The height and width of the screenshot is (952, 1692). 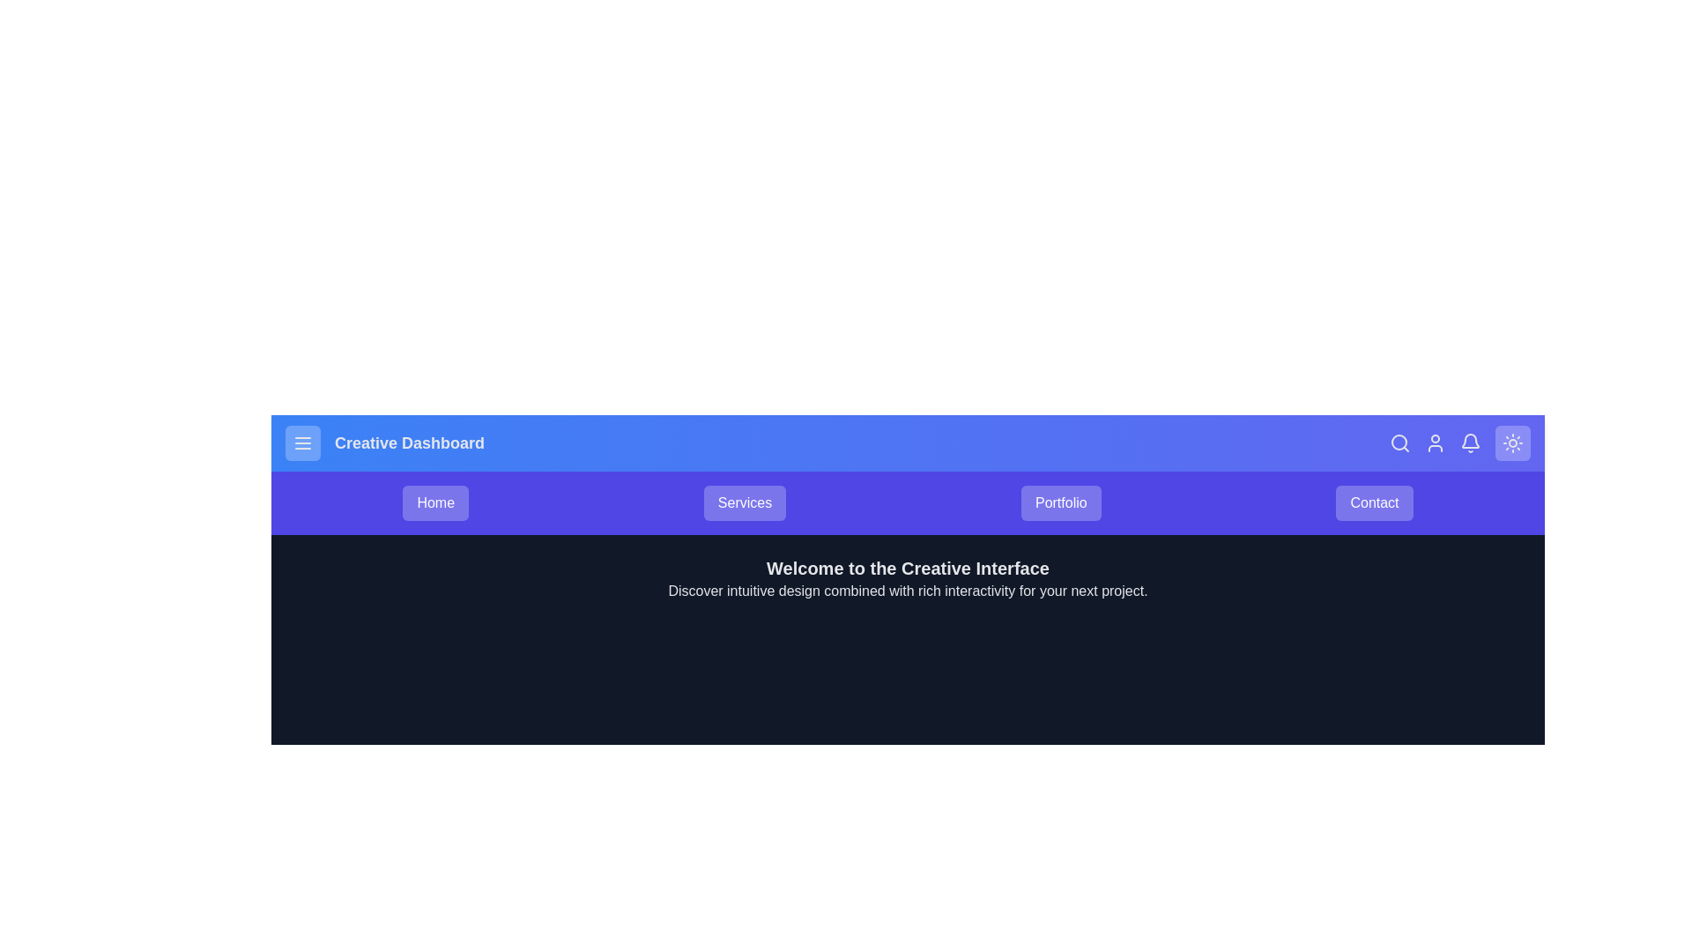 I want to click on the bell icon in the header, so click(x=1471, y=442).